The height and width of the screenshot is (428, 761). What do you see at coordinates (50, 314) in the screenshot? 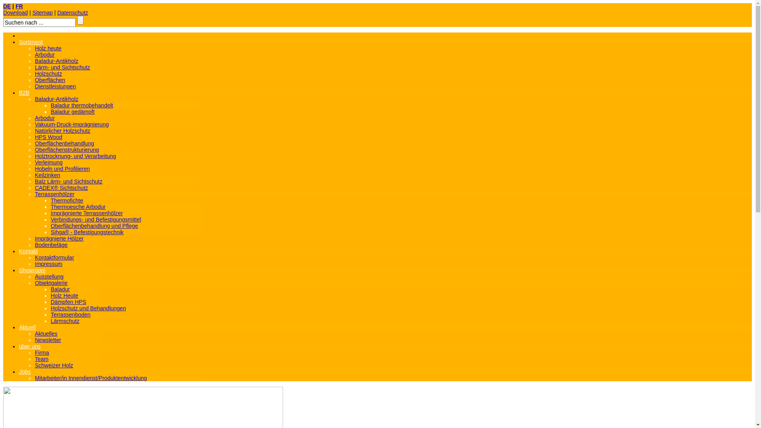
I see `'Terrassenboden'` at bounding box center [50, 314].